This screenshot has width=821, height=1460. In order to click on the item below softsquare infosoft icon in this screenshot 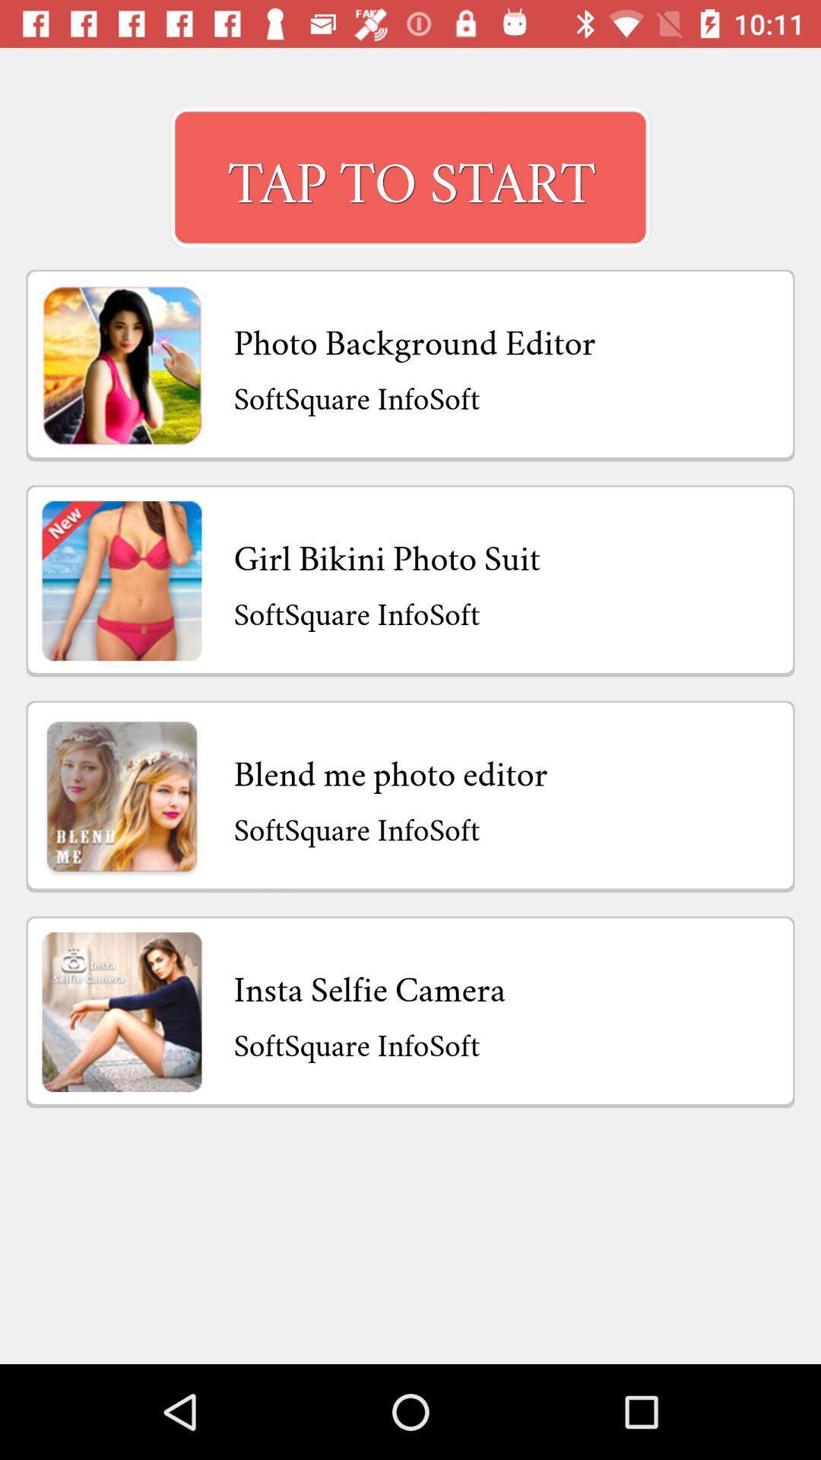, I will do `click(386, 554)`.